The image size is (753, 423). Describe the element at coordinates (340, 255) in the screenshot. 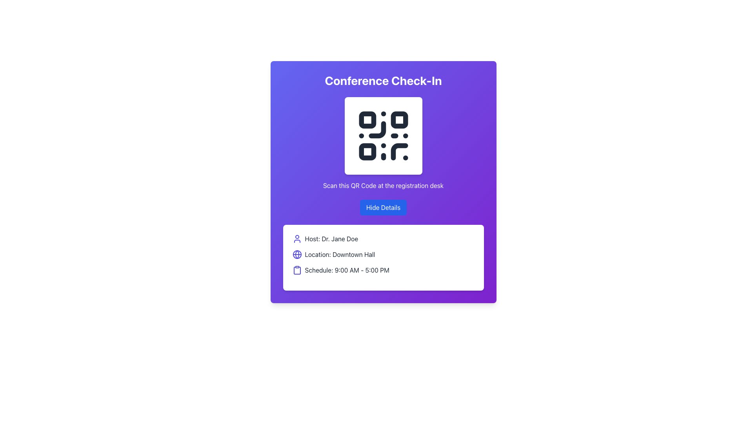

I see `the static text label displaying the location of the event, which indicates 'Downtown Hall', positioned between 'Host: Dr. Jane Doe' and 'Schedule: 9:00 AM - 5:00 PM'` at that location.